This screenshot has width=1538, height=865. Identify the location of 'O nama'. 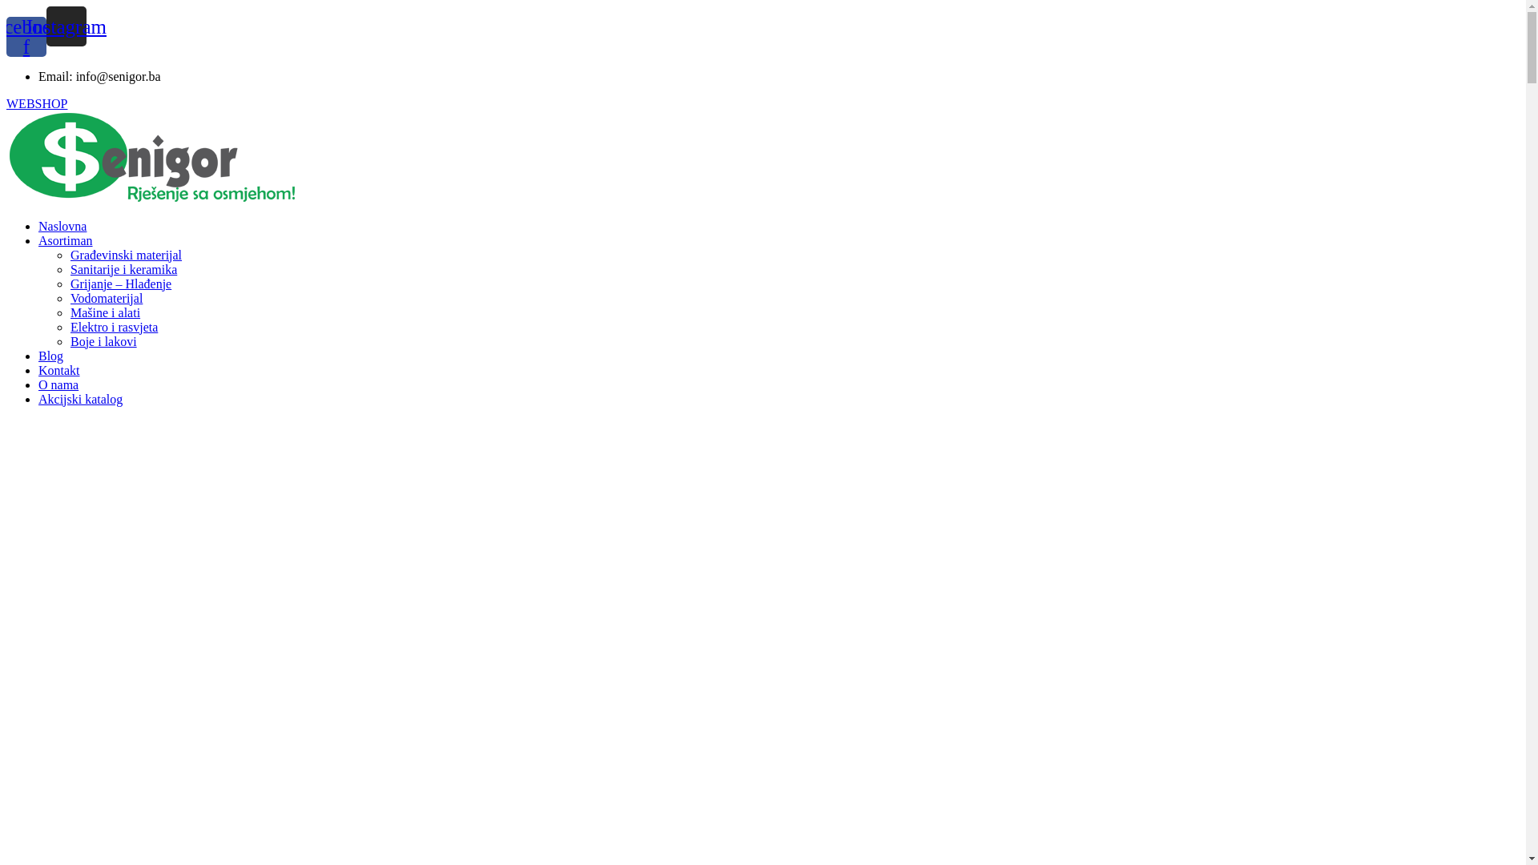
(58, 384).